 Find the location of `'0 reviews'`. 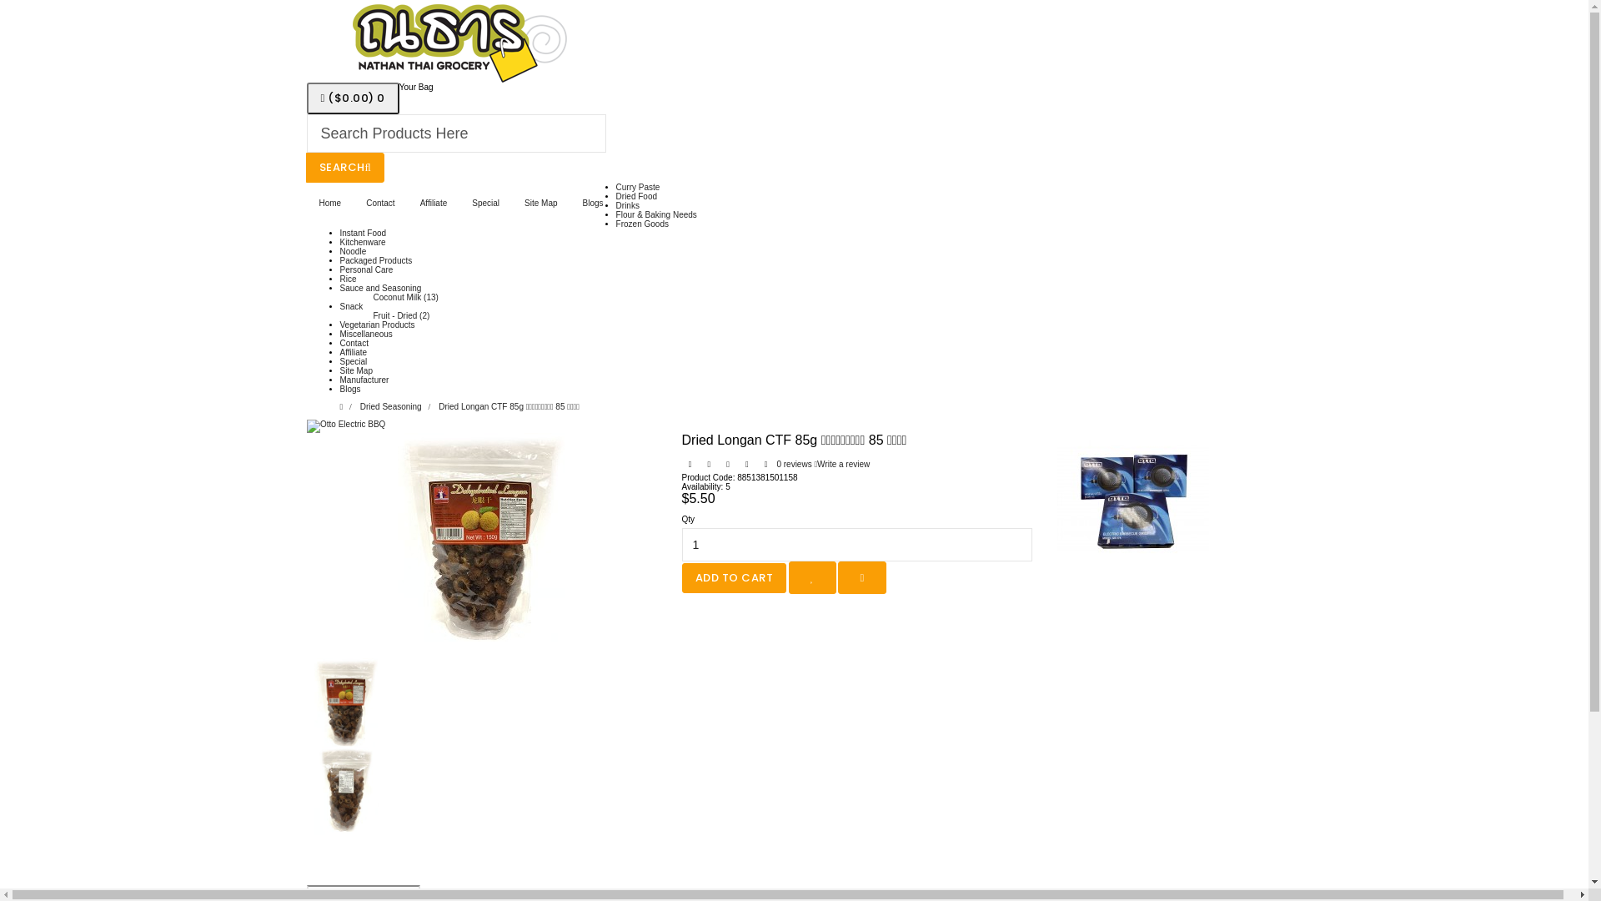

'0 reviews' is located at coordinates (792, 464).